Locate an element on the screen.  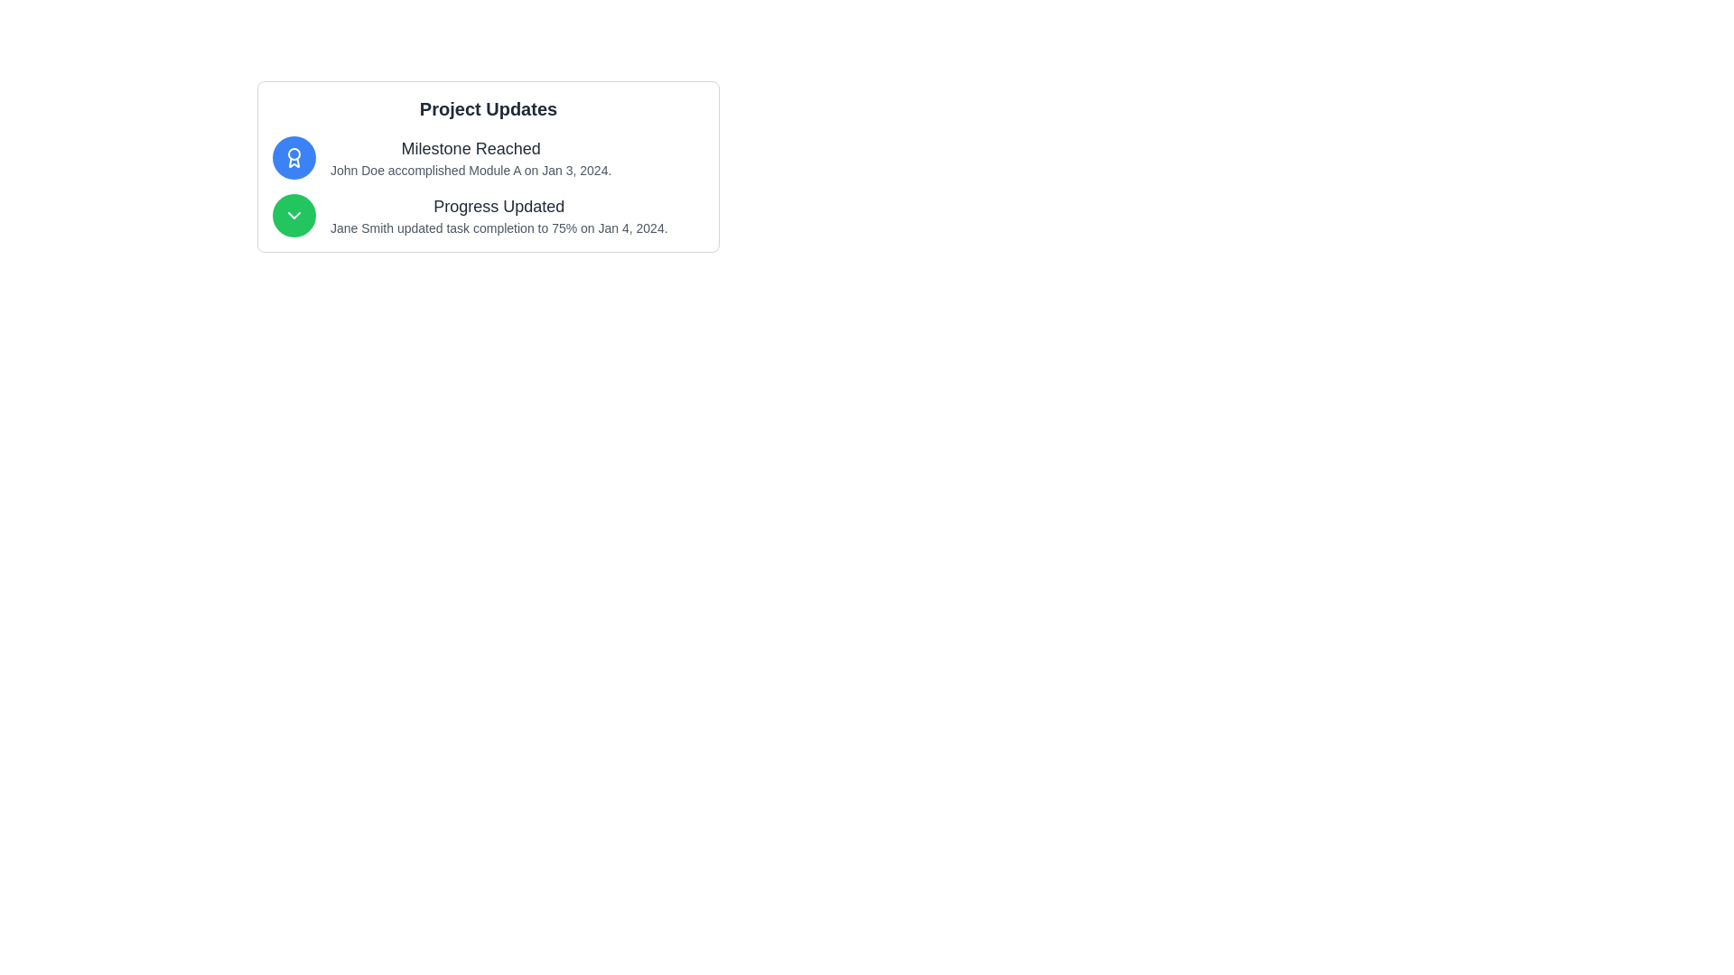
the text element displaying 'Milestone Reached' in bold, dark gray font located in the upper section of the 'Project Updates' card is located at coordinates (471, 148).